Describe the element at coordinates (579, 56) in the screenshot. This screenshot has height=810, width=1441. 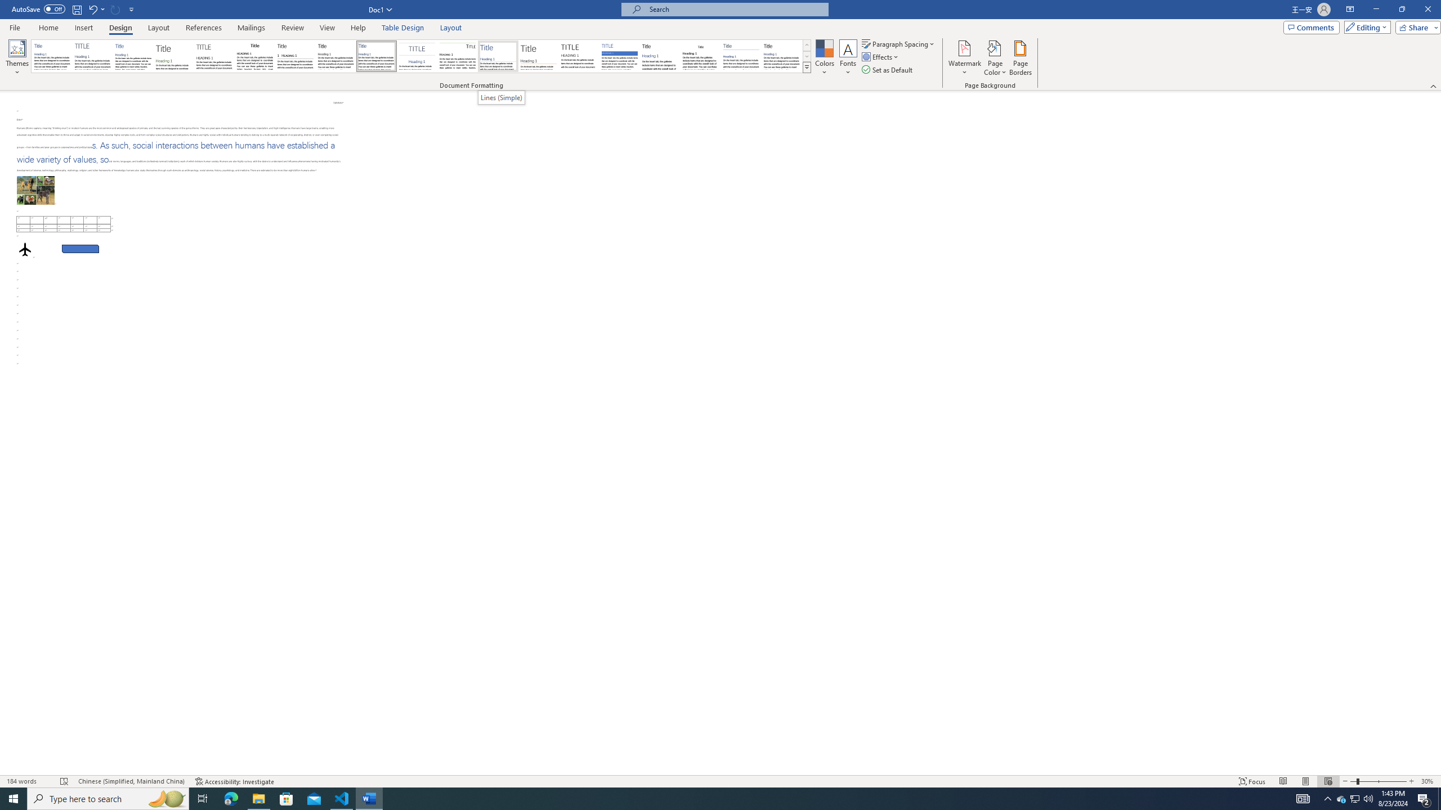
I see `'Minimalist'` at that location.